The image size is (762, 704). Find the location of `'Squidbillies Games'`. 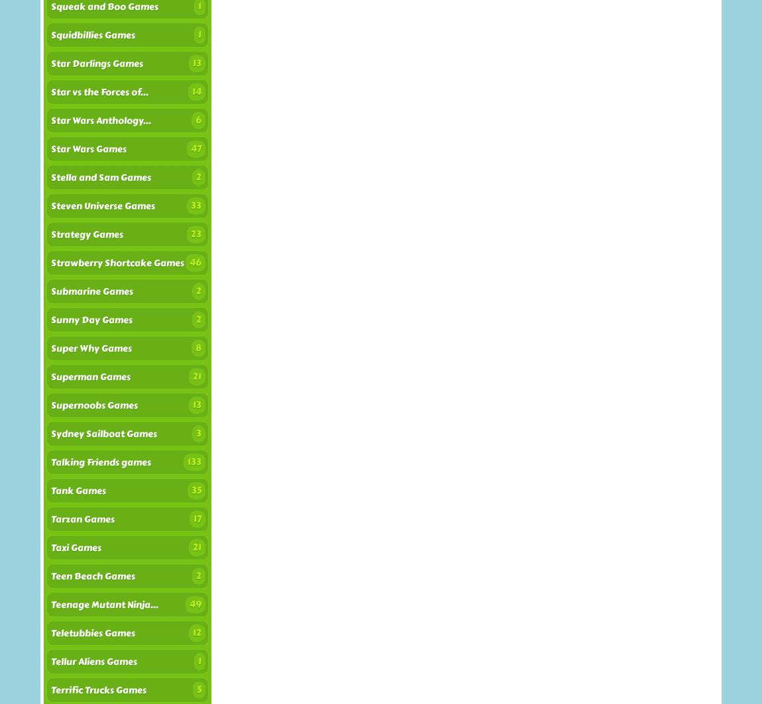

'Squidbillies Games' is located at coordinates (92, 35).